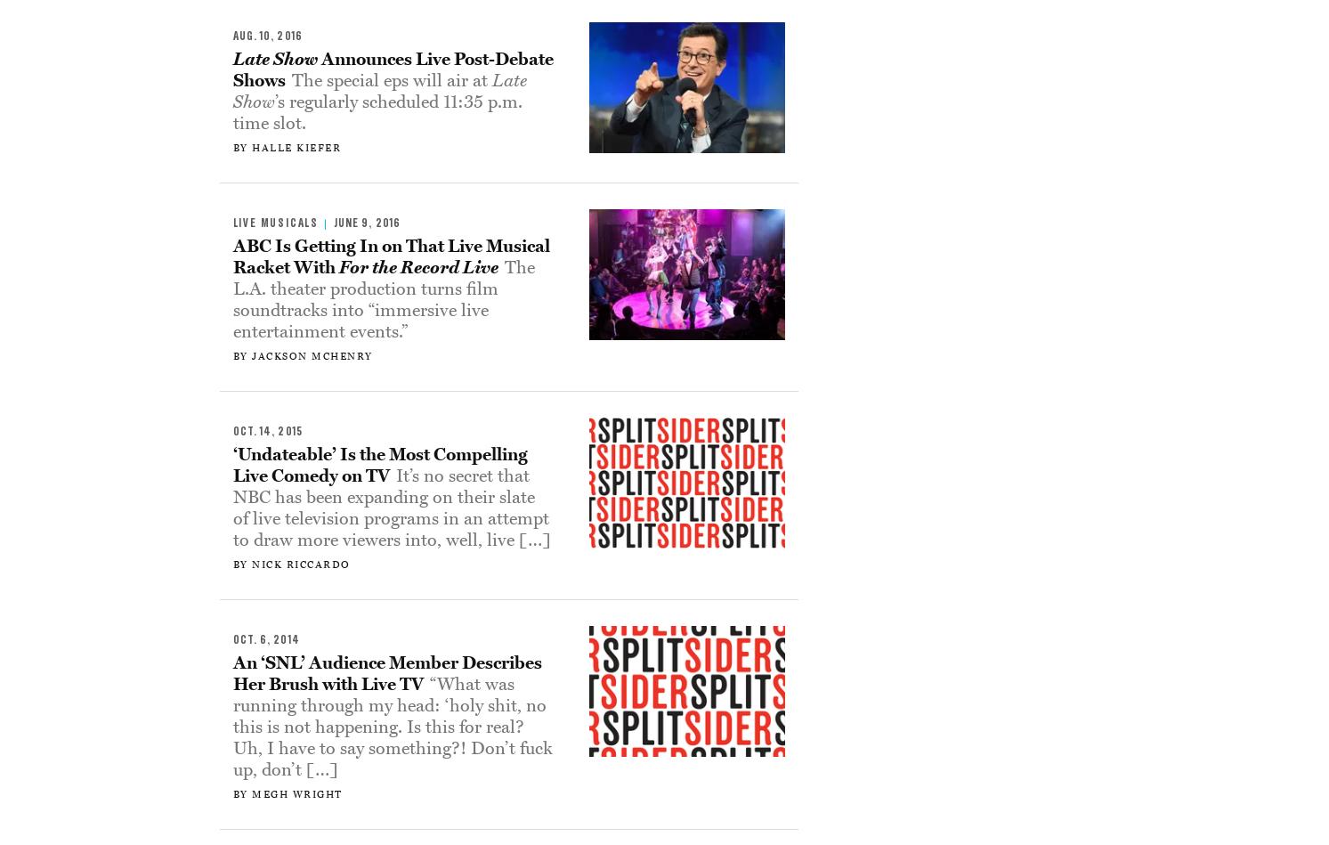  I want to click on 'The L.A. theater production turns film soundtracks into “immersive live entertainment events.”', so click(383, 299).